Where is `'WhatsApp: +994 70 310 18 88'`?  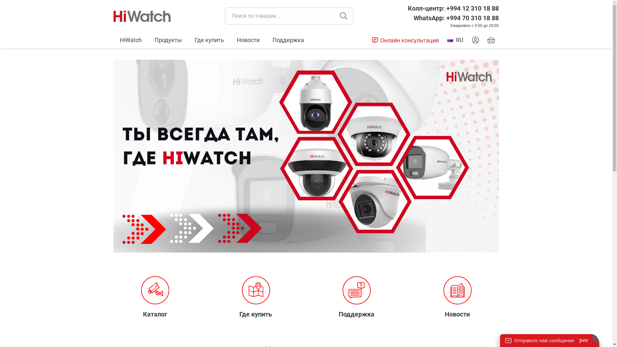
'WhatsApp: +994 70 310 18 88' is located at coordinates (456, 18).